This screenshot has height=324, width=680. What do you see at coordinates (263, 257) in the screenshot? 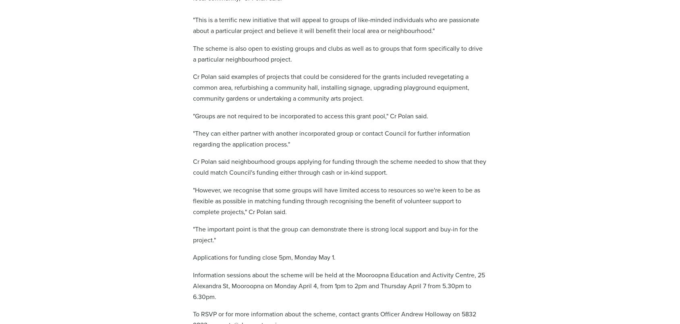
I see `'Applications for funding close 5pm, Monday May 1.'` at bounding box center [263, 257].